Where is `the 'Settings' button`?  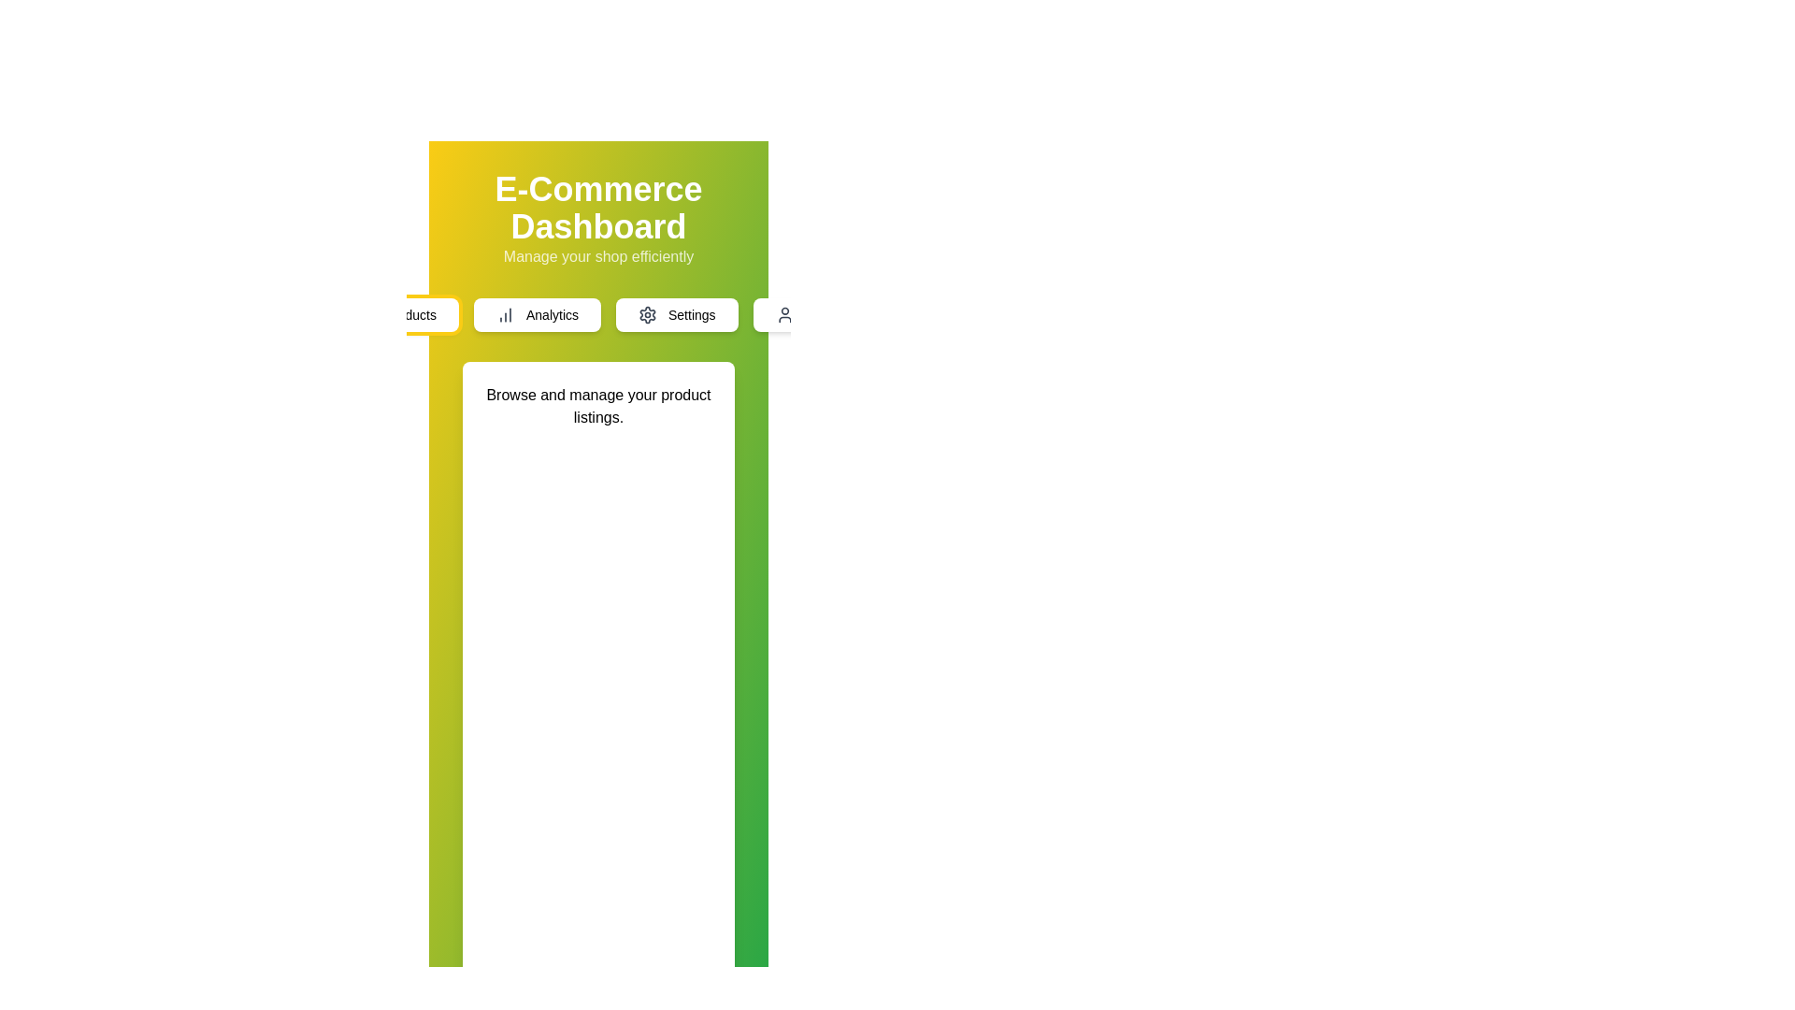 the 'Settings' button is located at coordinates (676, 313).